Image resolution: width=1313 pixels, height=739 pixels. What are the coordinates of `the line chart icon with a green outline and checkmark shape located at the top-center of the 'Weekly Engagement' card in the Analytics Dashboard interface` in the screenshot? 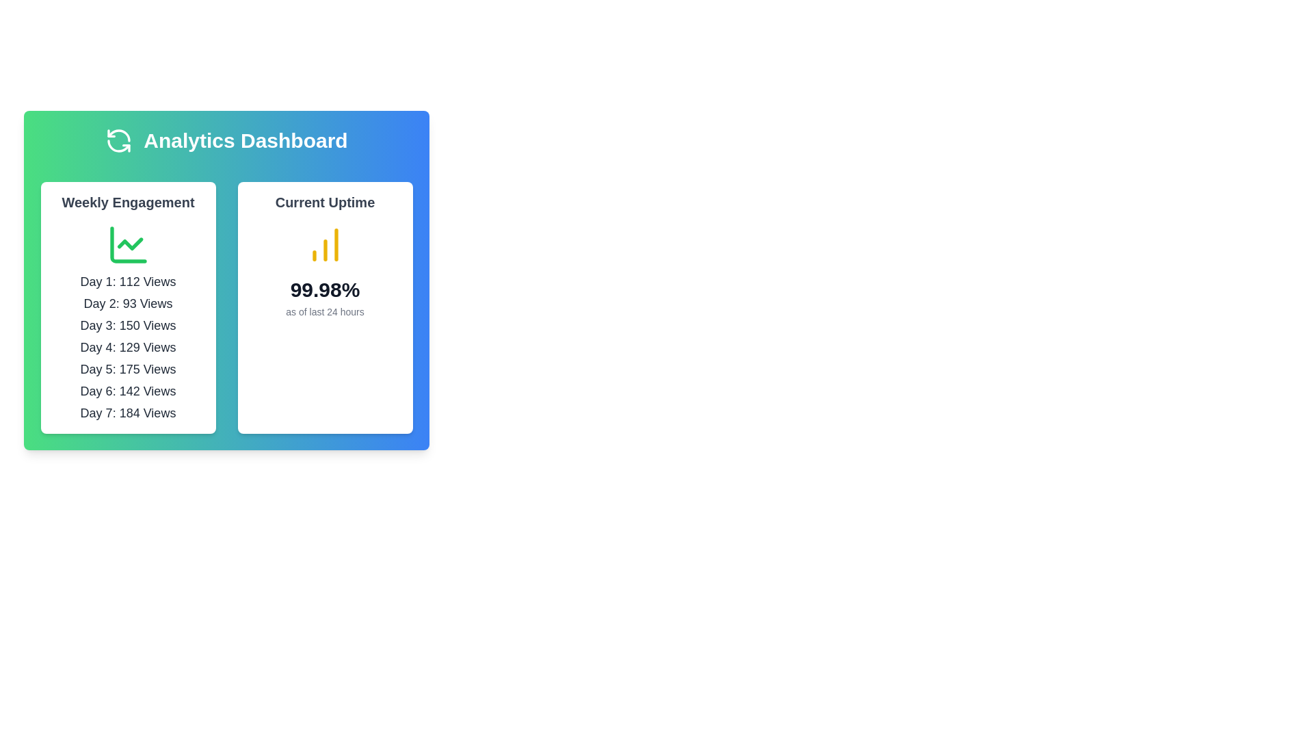 It's located at (128, 244).